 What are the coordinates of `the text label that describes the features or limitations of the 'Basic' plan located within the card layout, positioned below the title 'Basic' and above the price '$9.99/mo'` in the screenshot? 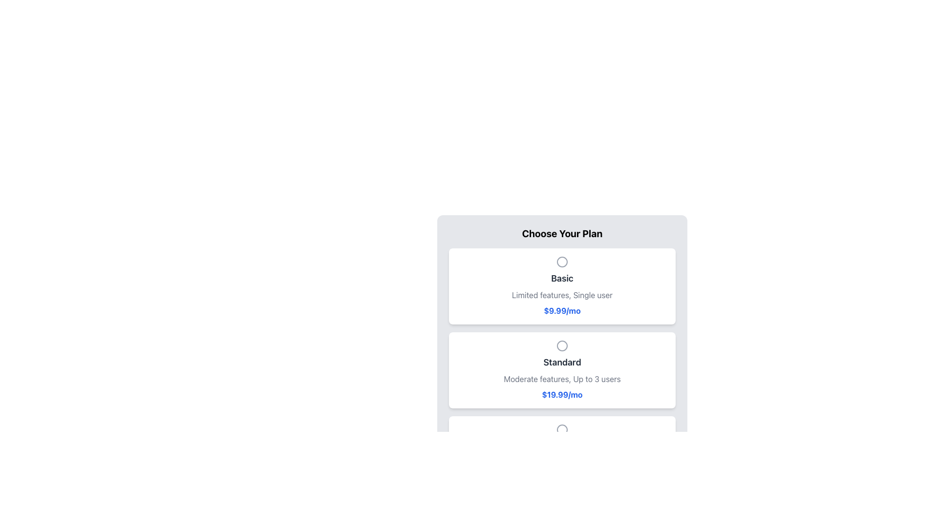 It's located at (562, 295).